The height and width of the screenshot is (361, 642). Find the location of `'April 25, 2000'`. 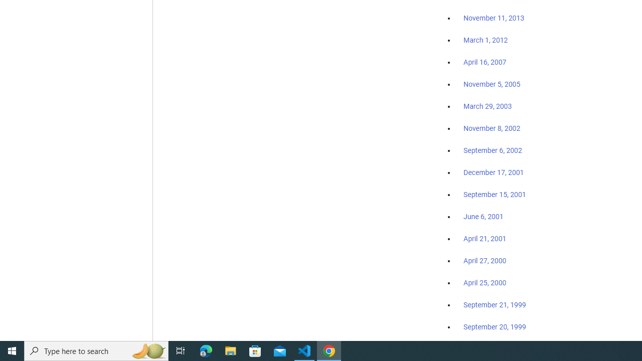

'April 25, 2000' is located at coordinates (485, 283).